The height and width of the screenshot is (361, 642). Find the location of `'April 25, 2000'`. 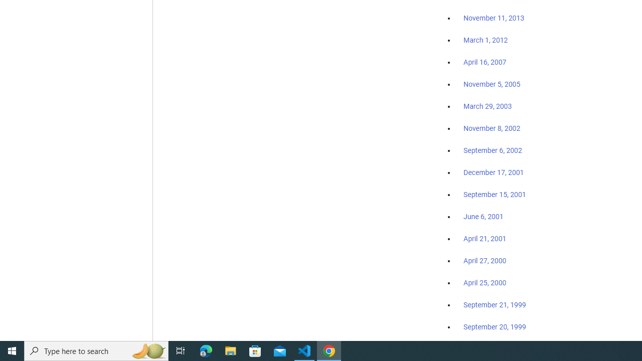

'April 25, 2000' is located at coordinates (485, 283).